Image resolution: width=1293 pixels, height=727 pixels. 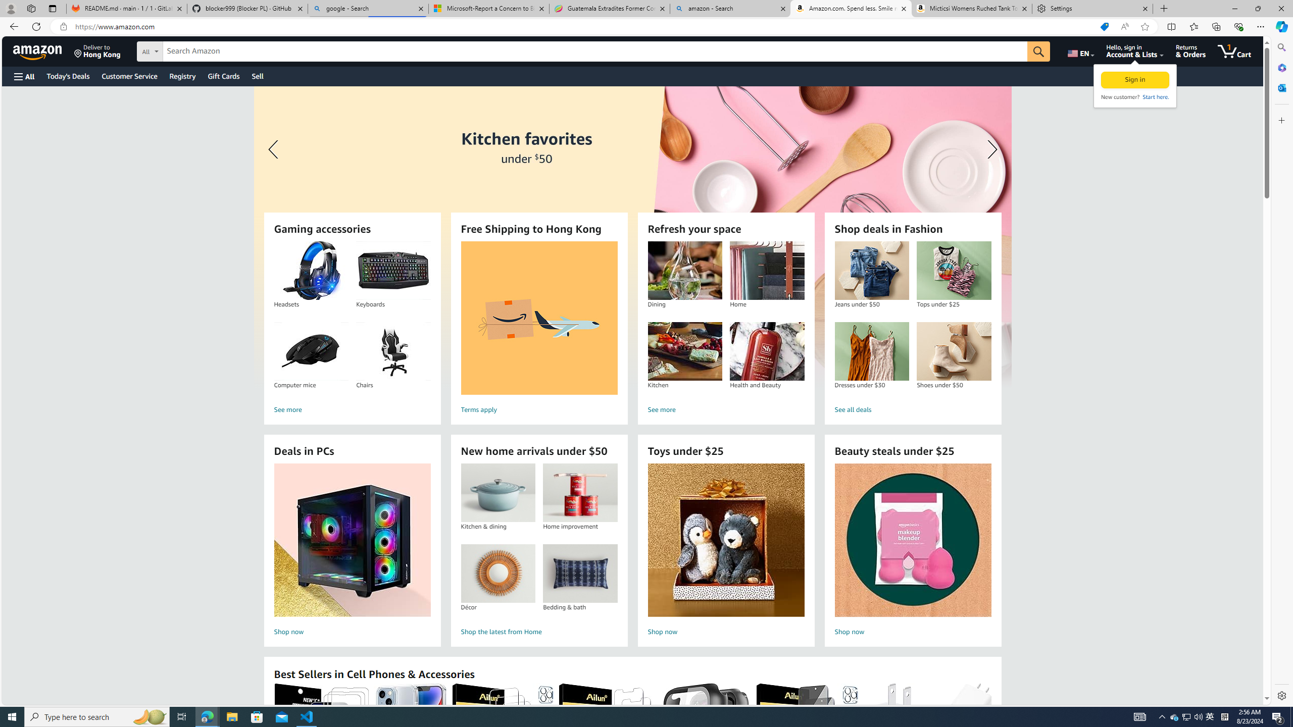 I want to click on 'See all deals', so click(x=912, y=409).